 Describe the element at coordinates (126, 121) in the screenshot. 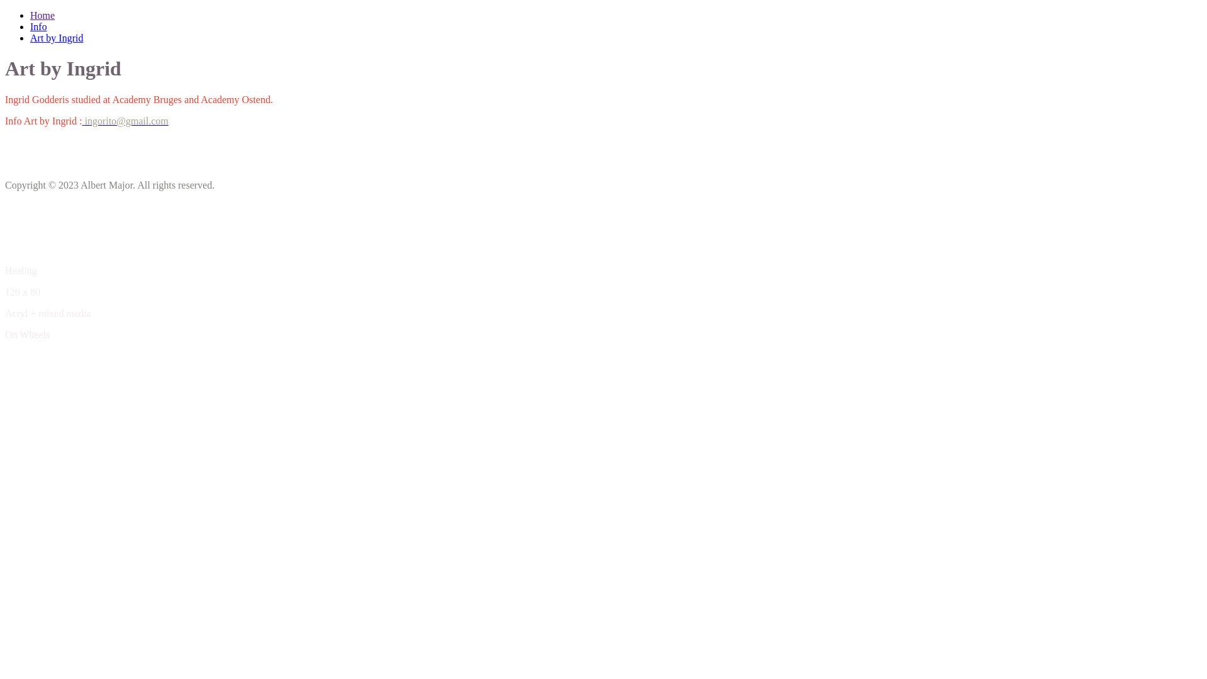

I see `'ingorito@gmail.com'` at that location.